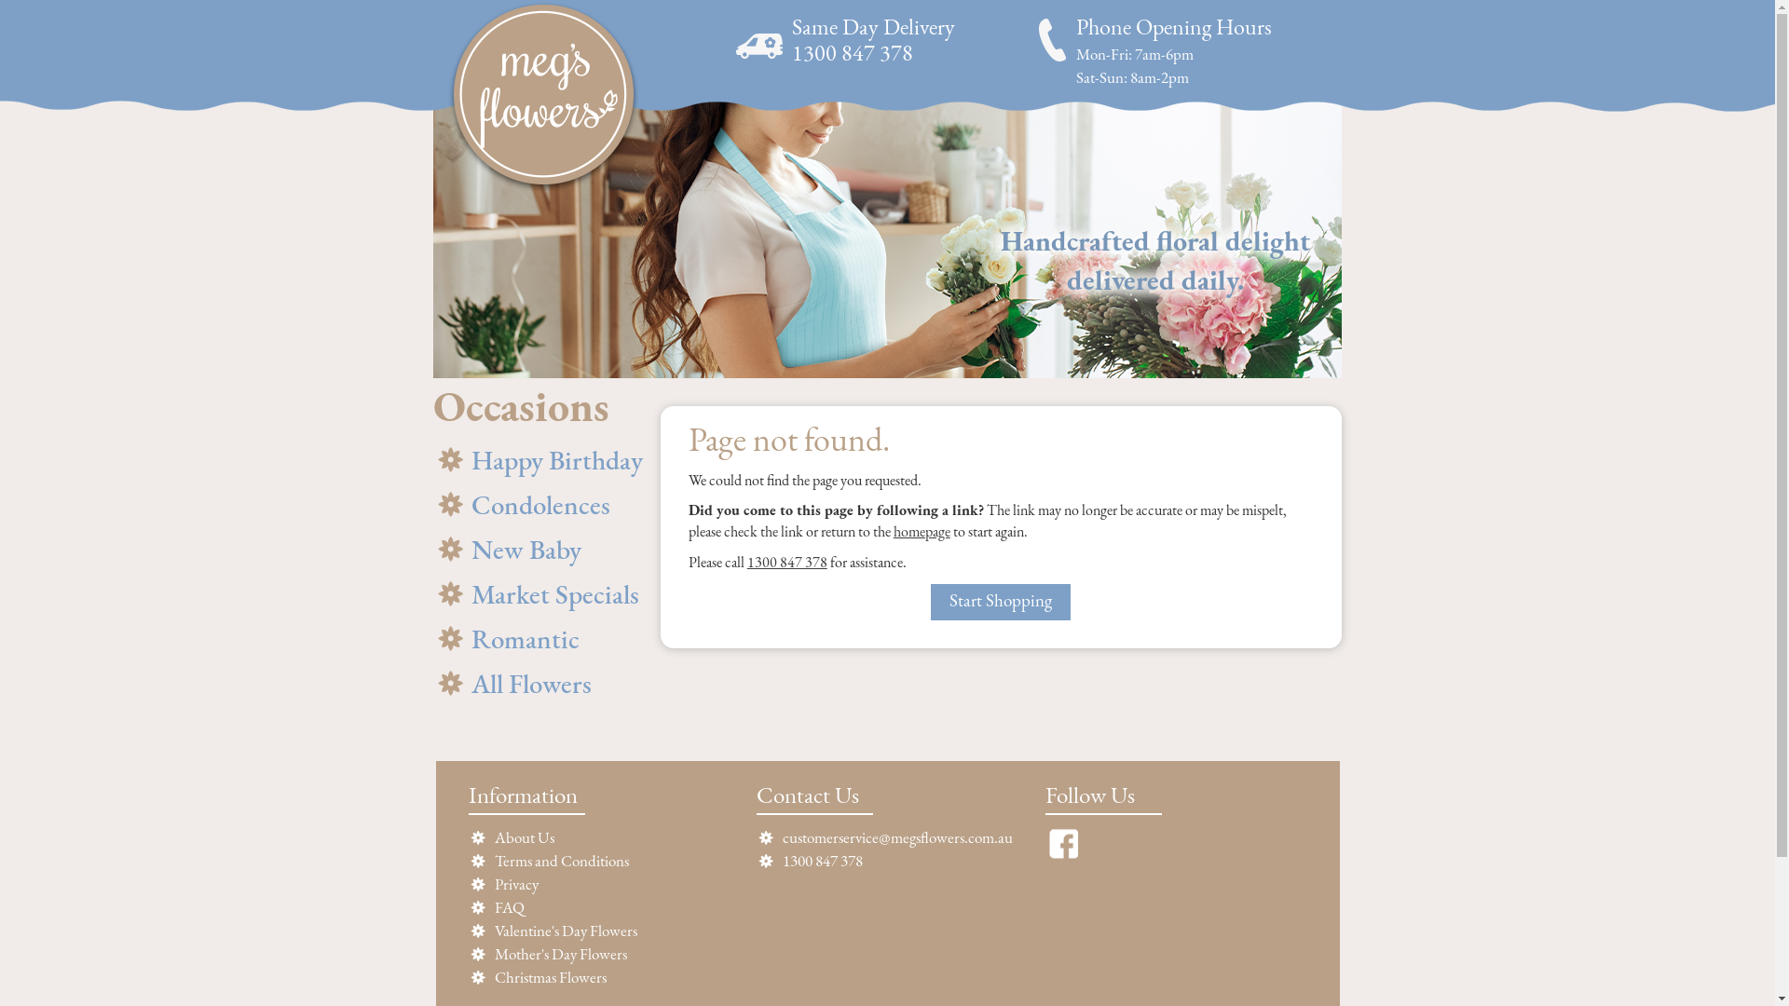 The image size is (1789, 1006). I want to click on '1300 847 378', so click(786, 563).